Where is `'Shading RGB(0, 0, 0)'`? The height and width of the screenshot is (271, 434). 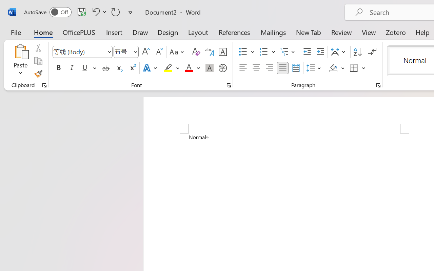
'Shading RGB(0, 0, 0)' is located at coordinates (333, 68).